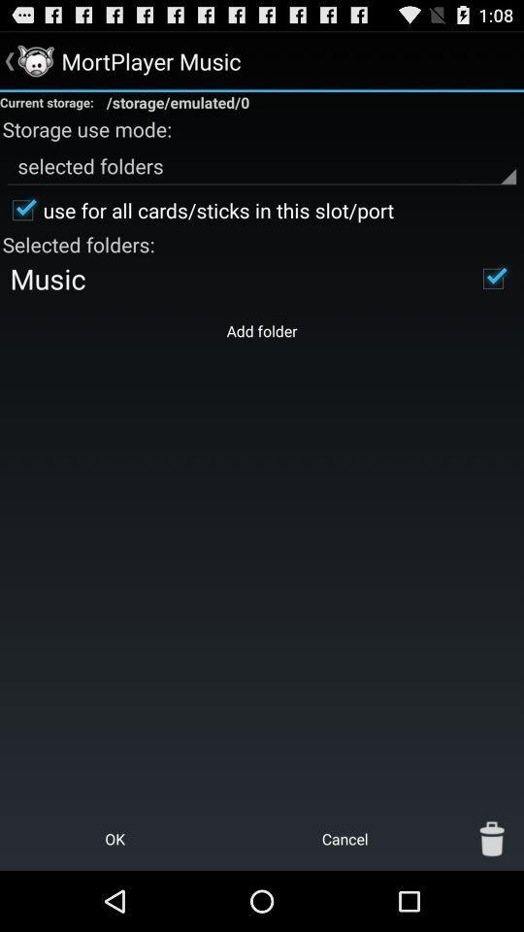 The width and height of the screenshot is (524, 932). What do you see at coordinates (492, 897) in the screenshot?
I see `the delete icon` at bounding box center [492, 897].